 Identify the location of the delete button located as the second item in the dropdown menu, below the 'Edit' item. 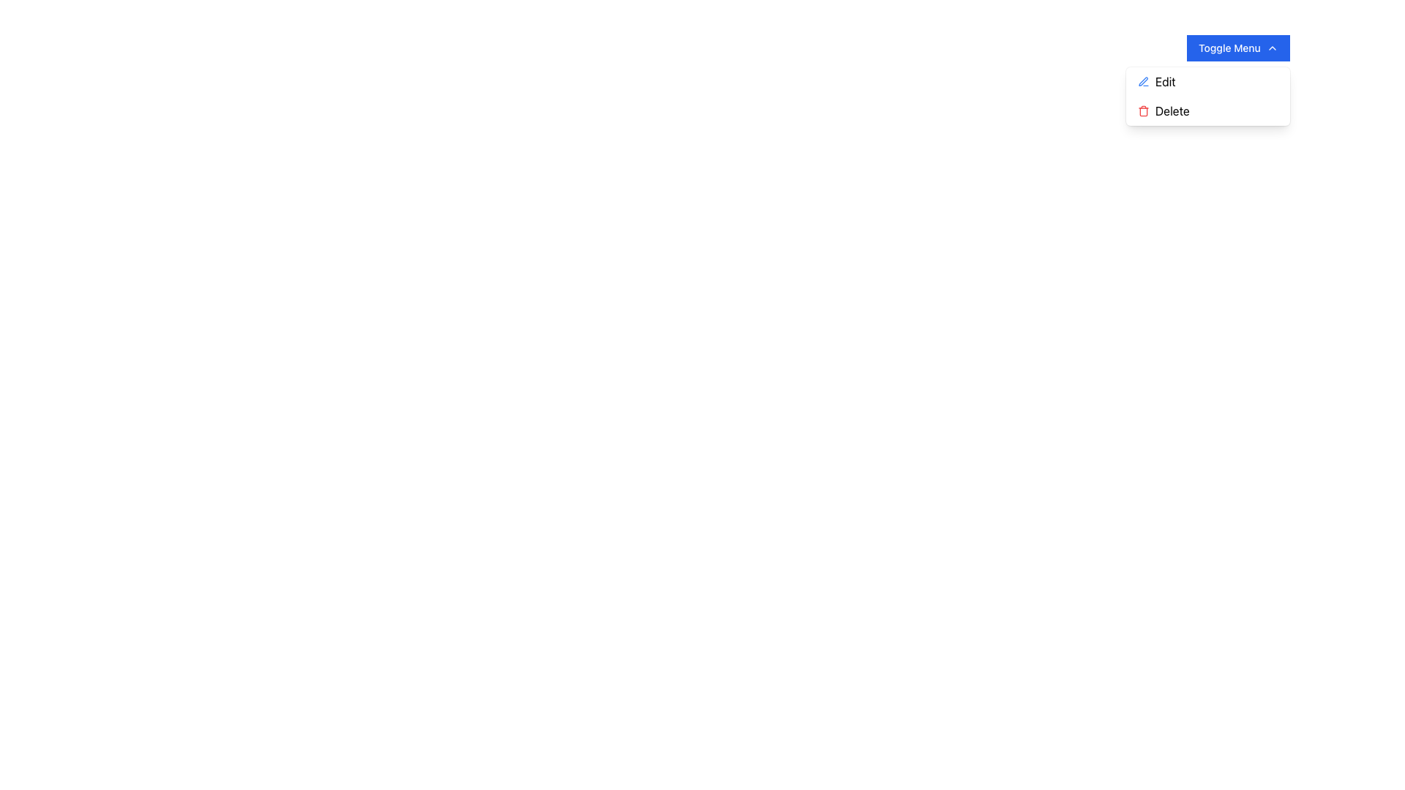
(1207, 110).